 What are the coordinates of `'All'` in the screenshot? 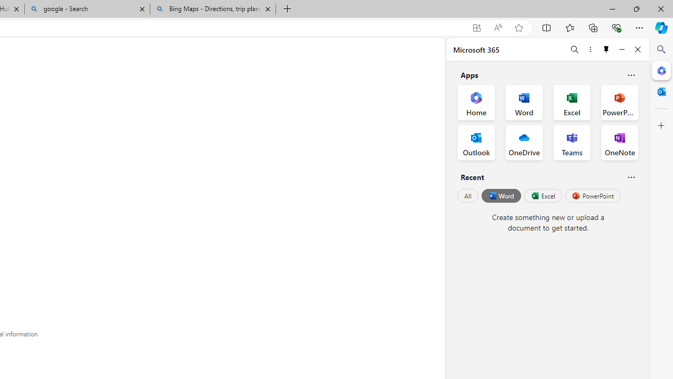 It's located at (467, 196).